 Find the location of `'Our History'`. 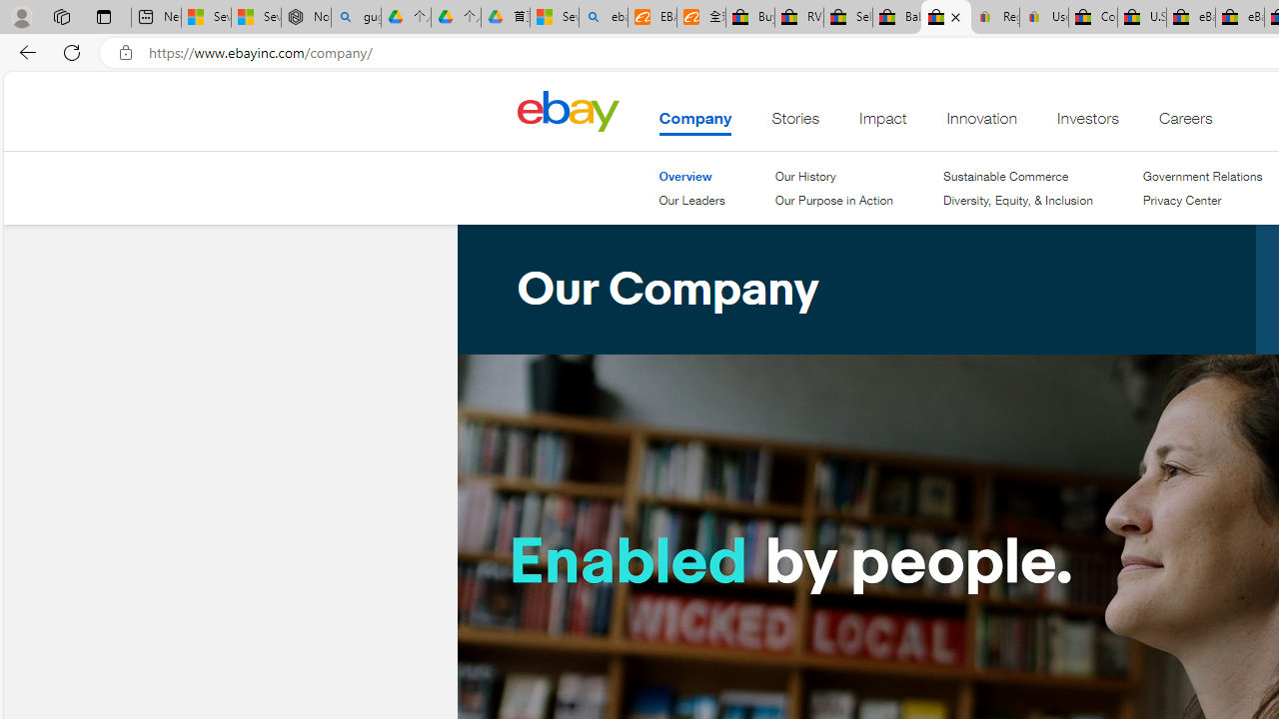

'Our History' is located at coordinates (832, 176).